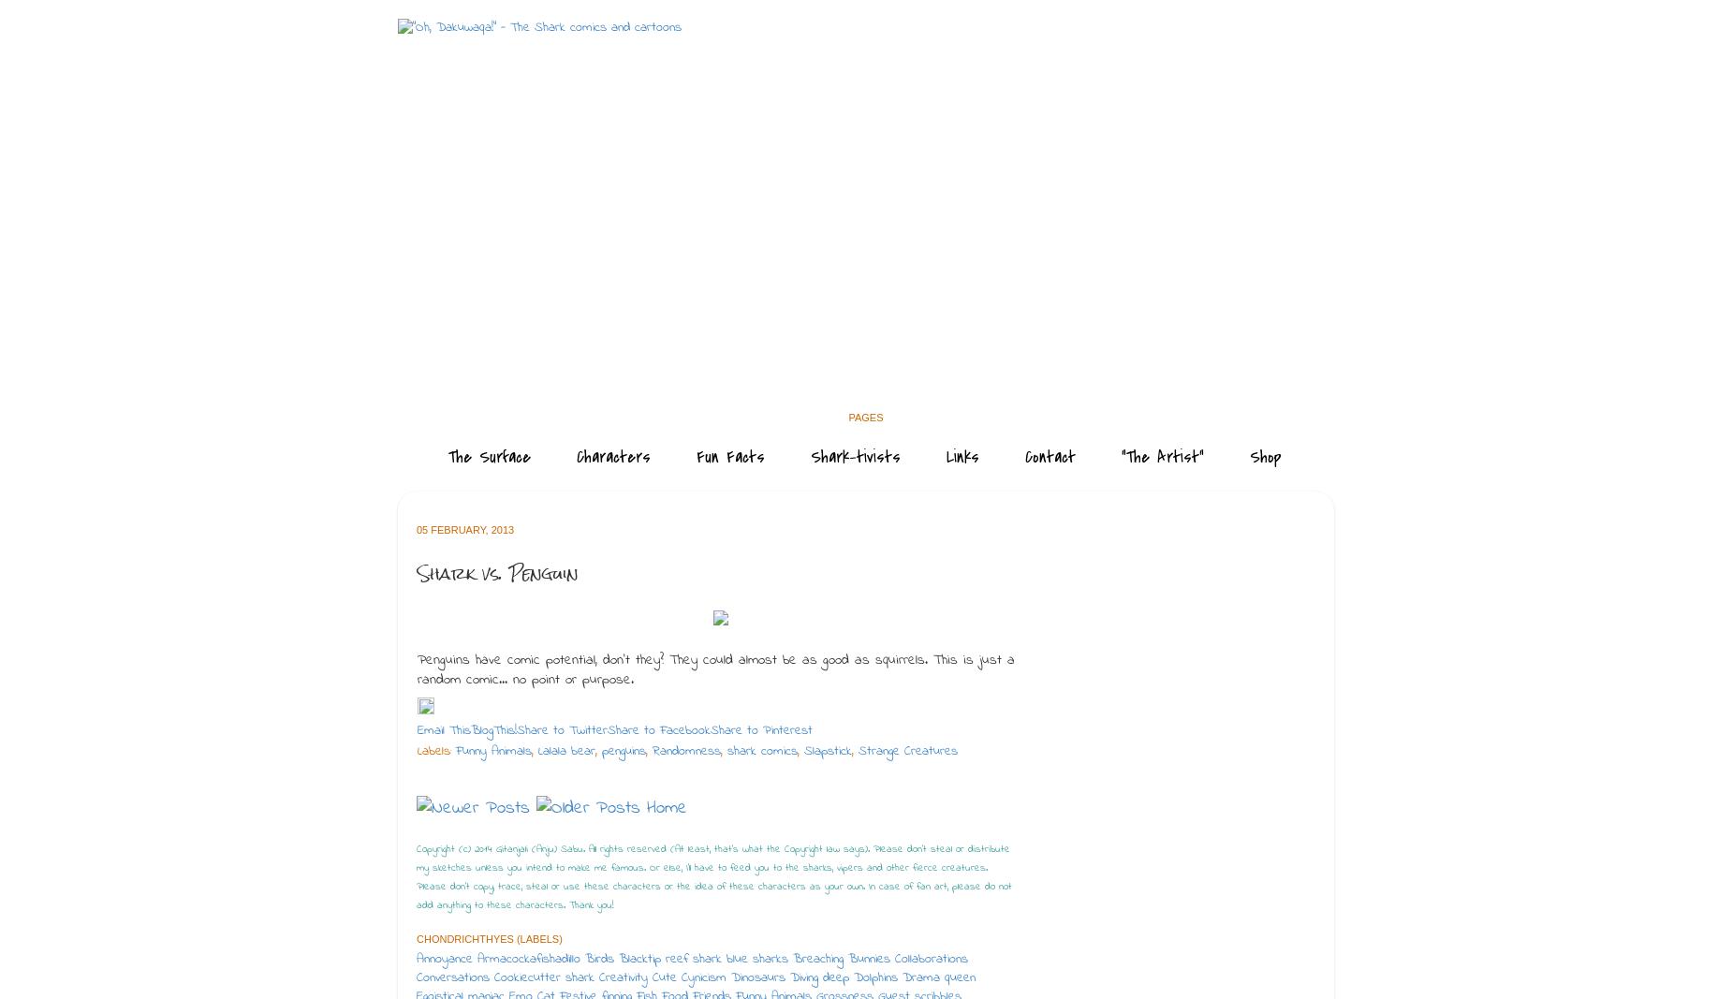 Image resolution: width=1732 pixels, height=999 pixels. What do you see at coordinates (961, 456) in the screenshot?
I see `'Links'` at bounding box center [961, 456].